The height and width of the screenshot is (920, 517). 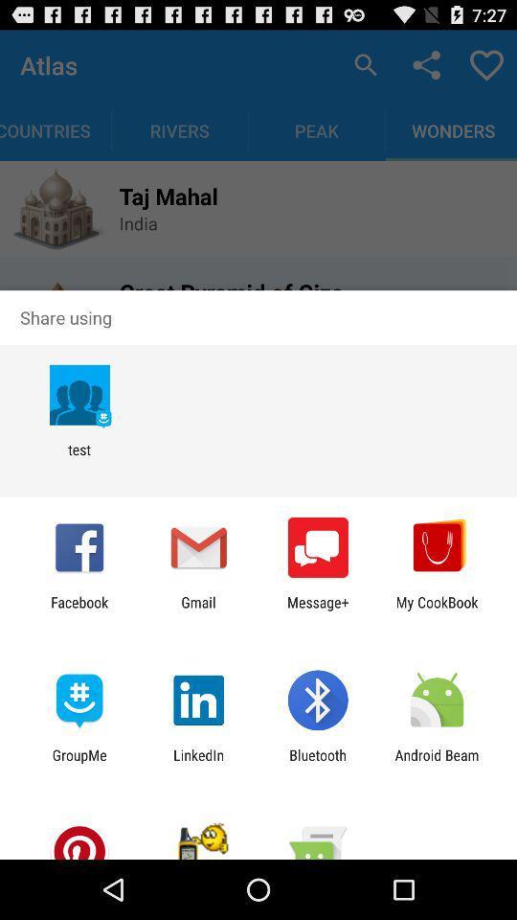 I want to click on linkedin icon, so click(x=197, y=763).